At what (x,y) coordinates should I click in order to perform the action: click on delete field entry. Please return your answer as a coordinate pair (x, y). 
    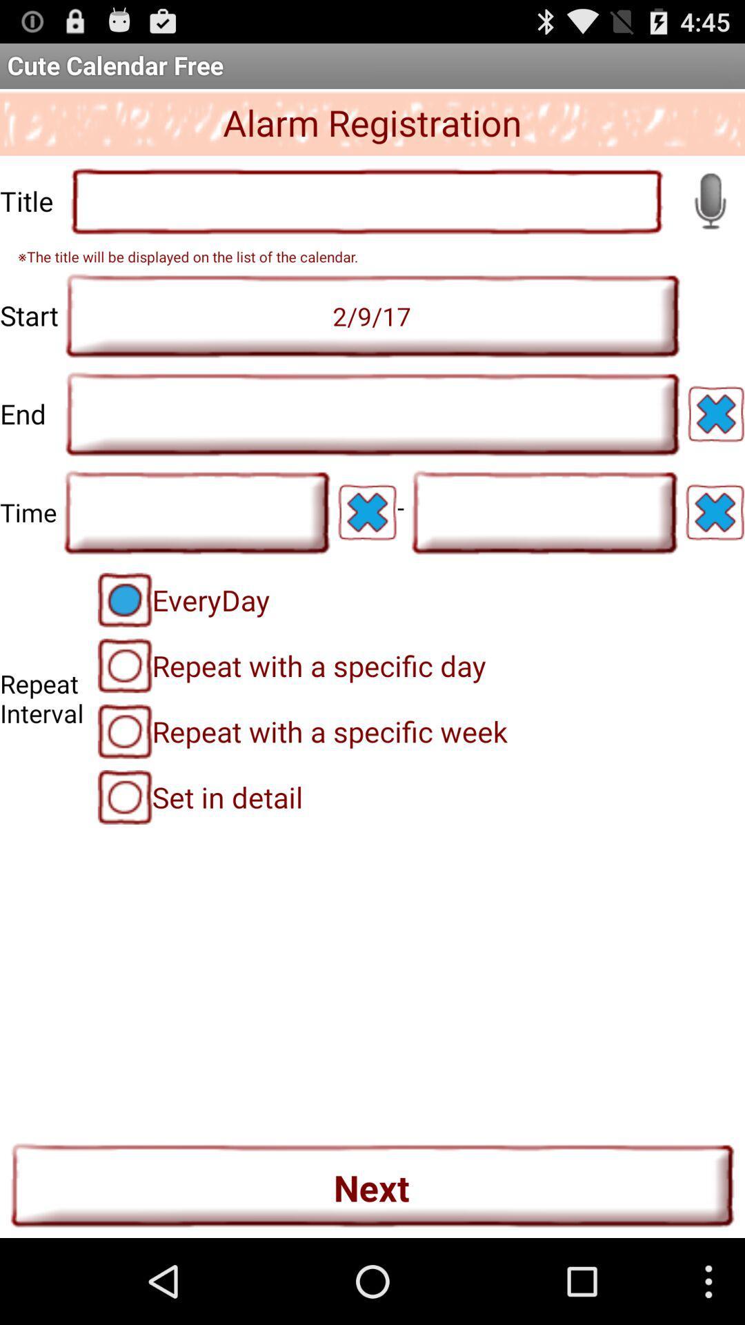
    Looking at the image, I should click on (715, 413).